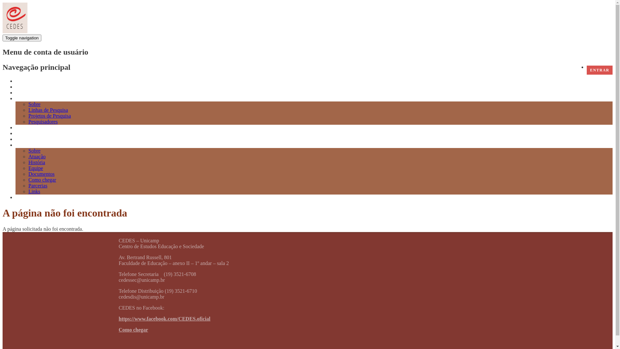  I want to click on 'ENTRAR', so click(599, 70).